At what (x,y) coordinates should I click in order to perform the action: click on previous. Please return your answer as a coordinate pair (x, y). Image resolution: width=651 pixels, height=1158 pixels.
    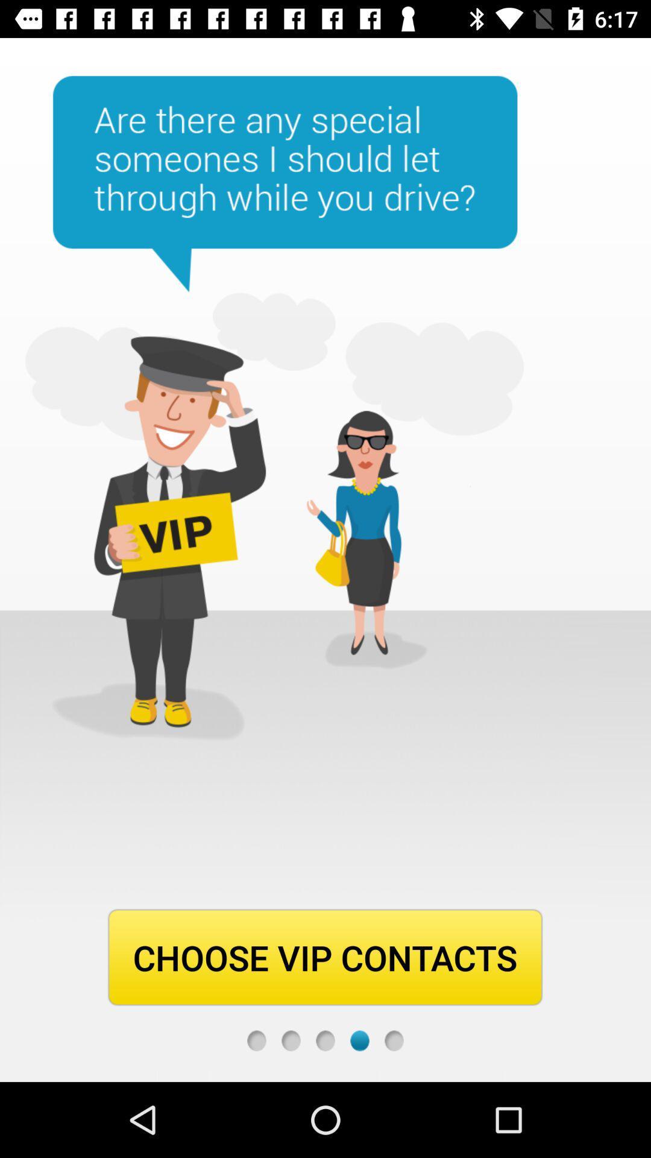
    Looking at the image, I should click on (325, 1040).